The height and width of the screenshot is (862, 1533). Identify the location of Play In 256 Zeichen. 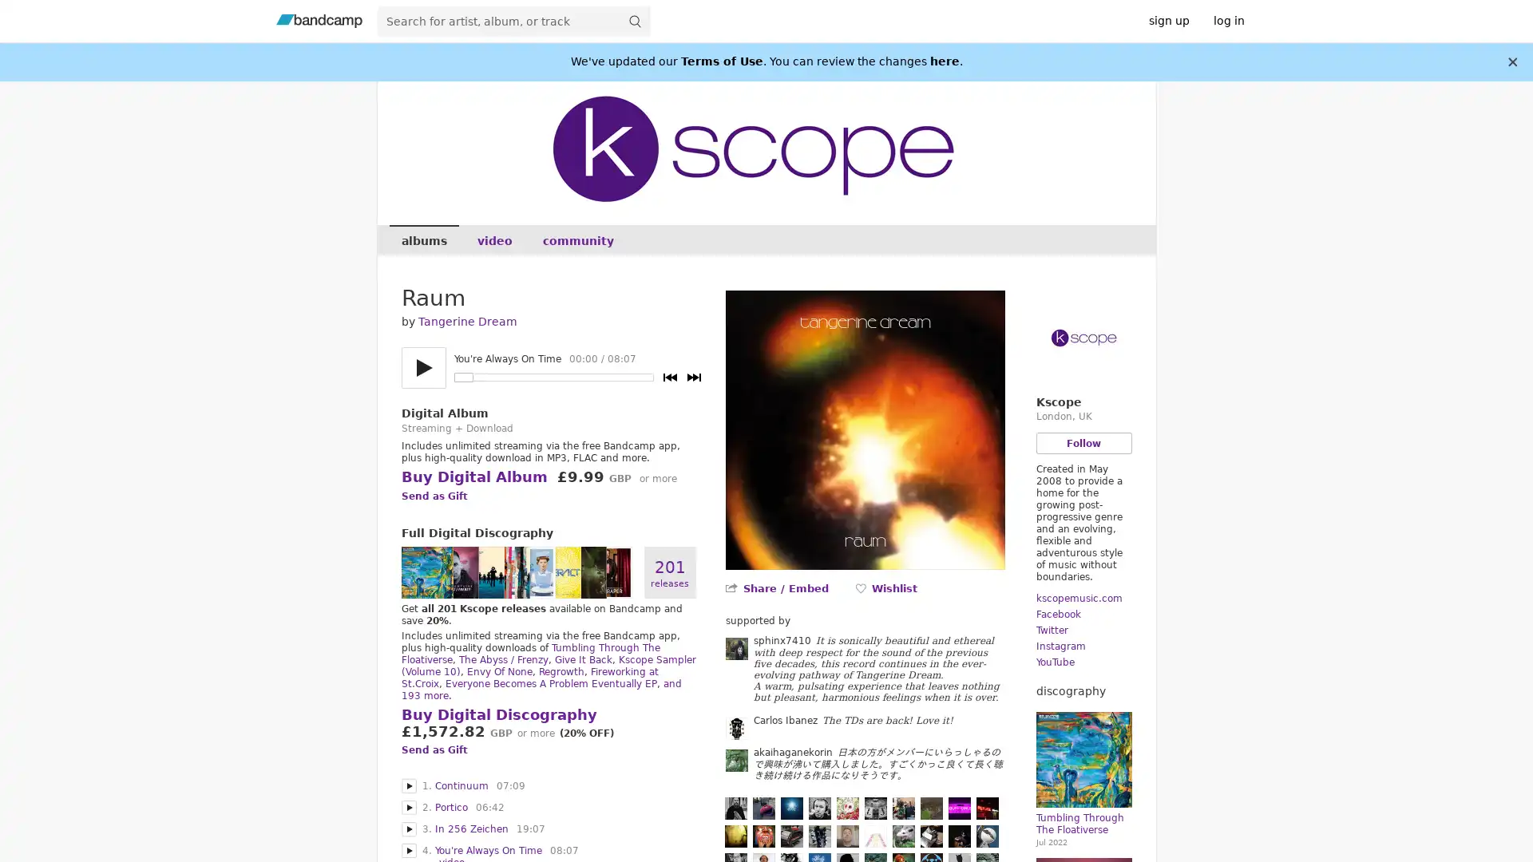
(408, 827).